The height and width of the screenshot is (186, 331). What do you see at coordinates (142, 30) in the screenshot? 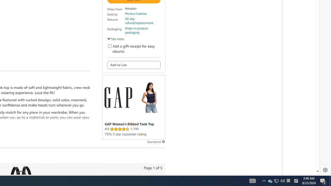
I see `'Ships in product packaging'` at bounding box center [142, 30].